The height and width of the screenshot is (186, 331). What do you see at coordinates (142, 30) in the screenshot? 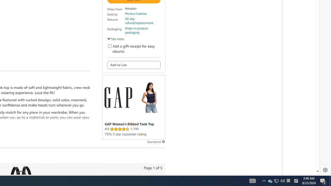
I see `'Ships in product packaging'` at bounding box center [142, 30].